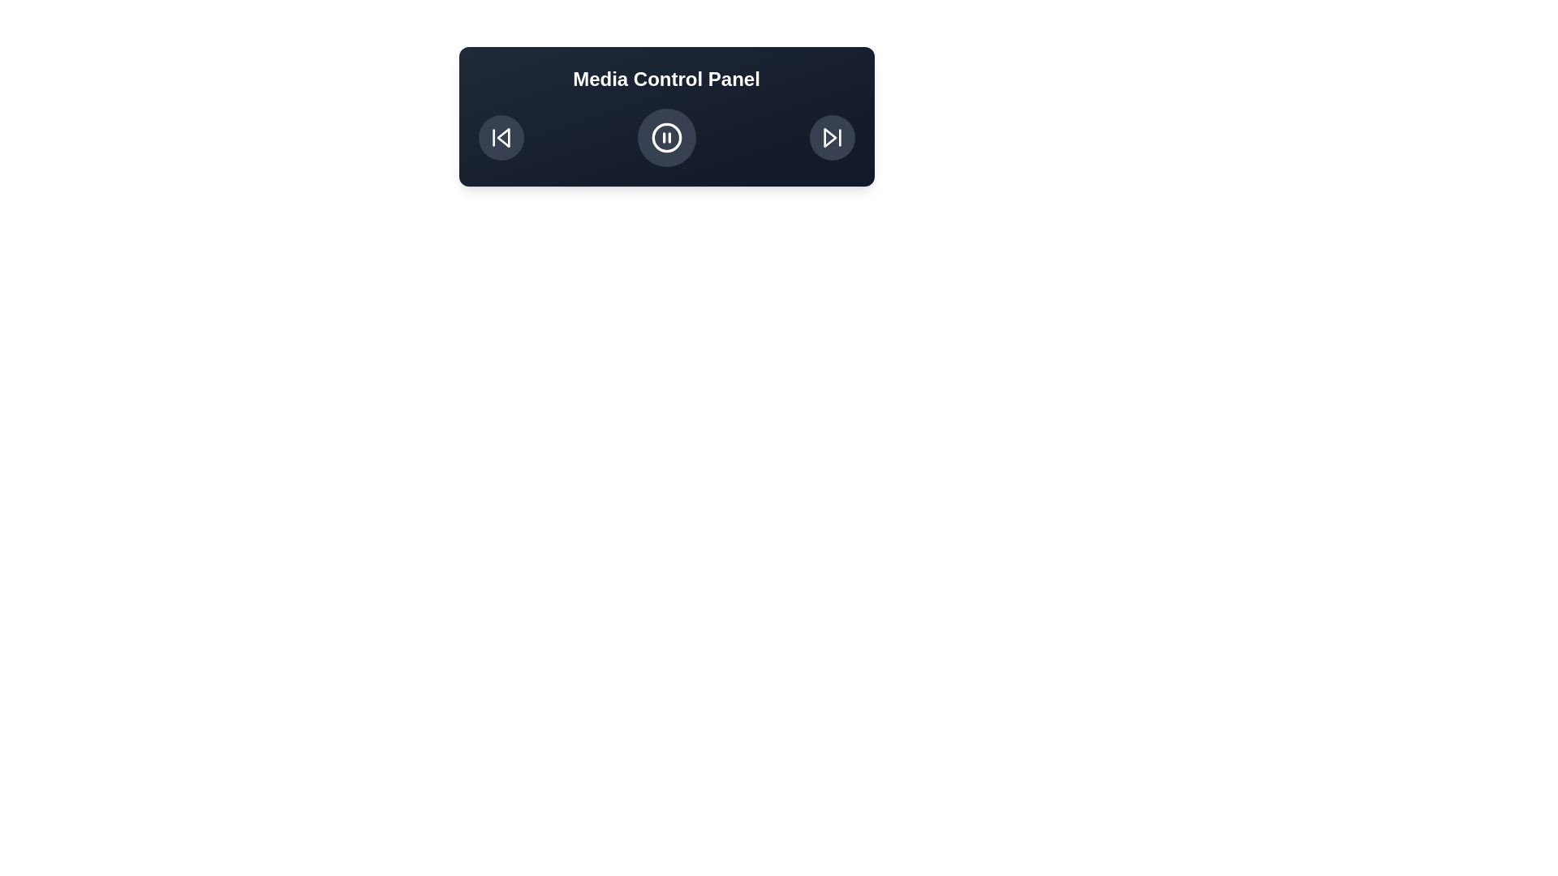 This screenshot has height=876, width=1558. What do you see at coordinates (832, 136) in the screenshot?
I see `the skip forward button located on the far right side of the media control panel` at bounding box center [832, 136].